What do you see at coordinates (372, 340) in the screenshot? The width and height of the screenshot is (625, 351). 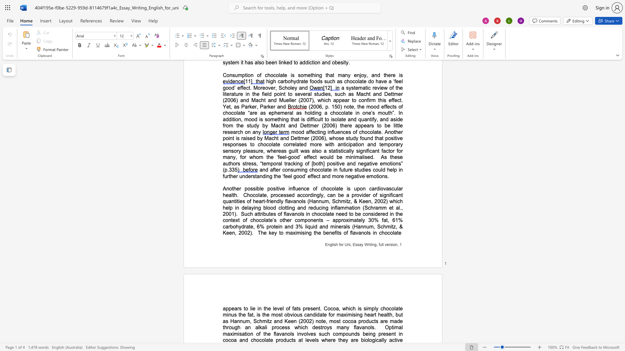 I see `the space between the continuous character "o" and "g" in the text` at bounding box center [372, 340].